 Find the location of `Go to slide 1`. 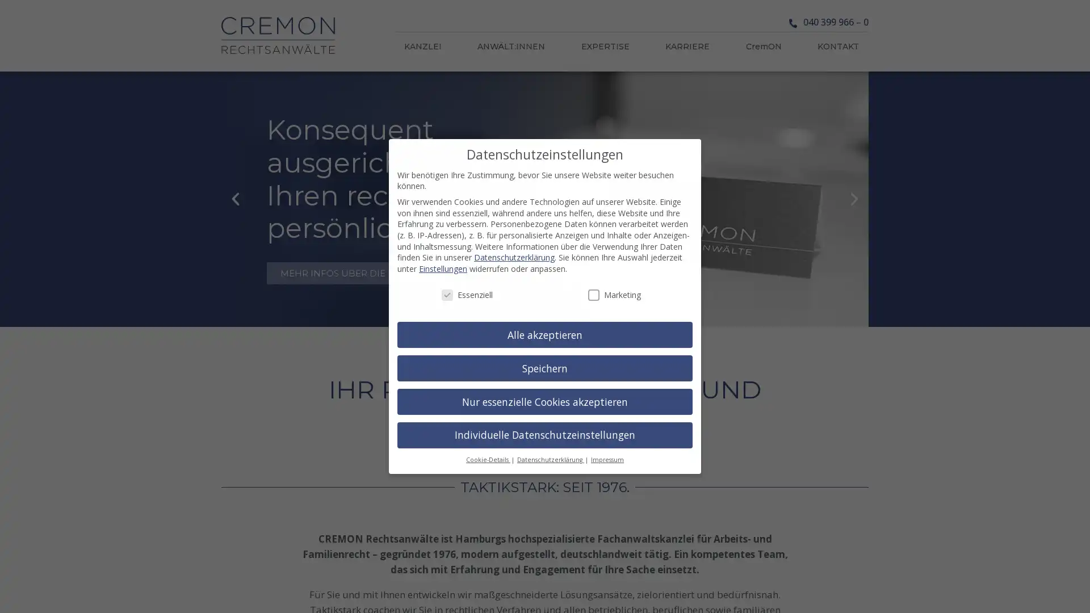

Go to slide 1 is located at coordinates (538, 317).